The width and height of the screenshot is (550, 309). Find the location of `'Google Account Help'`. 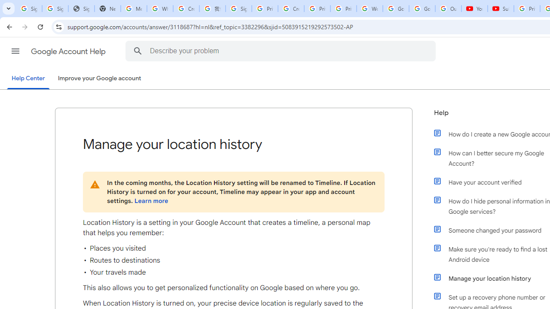

'Google Account Help' is located at coordinates (69, 51).